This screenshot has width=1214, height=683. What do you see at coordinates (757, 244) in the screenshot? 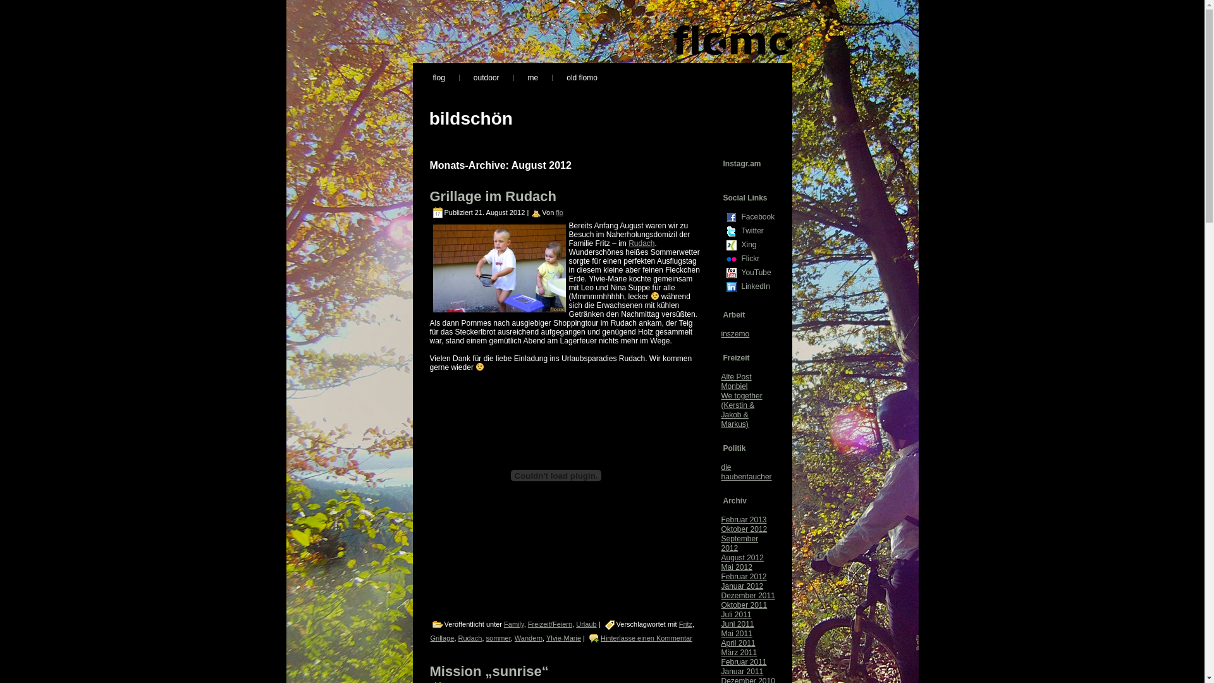
I see `'Xing'` at bounding box center [757, 244].